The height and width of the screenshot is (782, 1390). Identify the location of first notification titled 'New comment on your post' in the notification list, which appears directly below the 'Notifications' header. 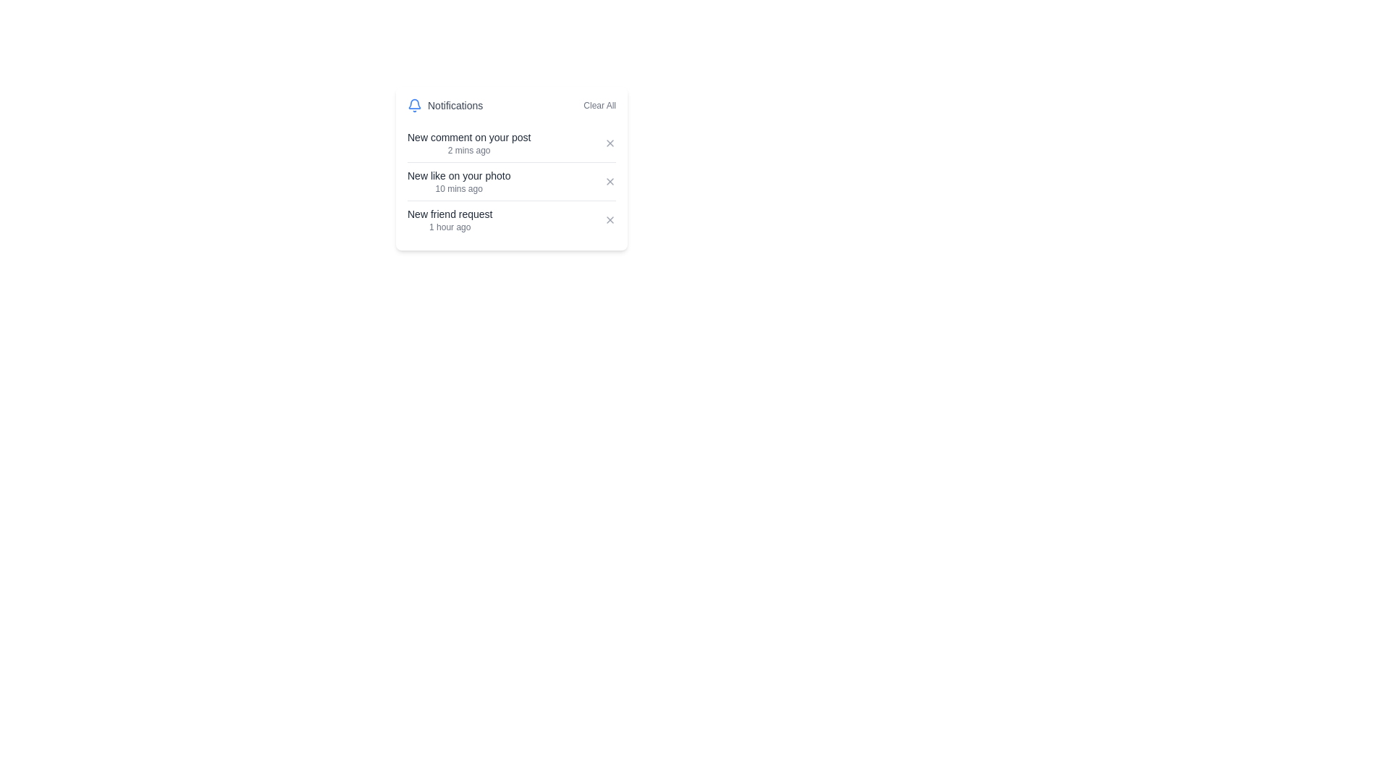
(469, 143).